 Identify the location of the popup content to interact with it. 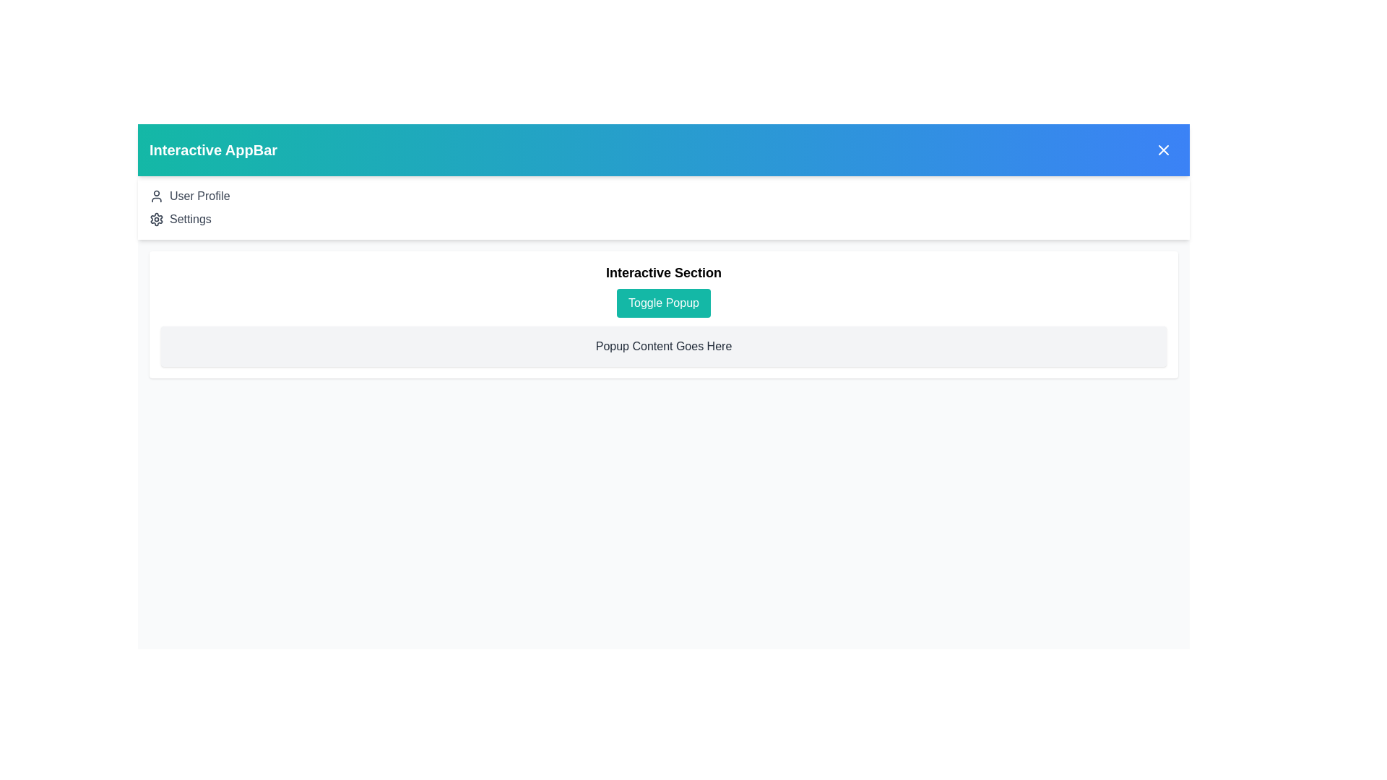
(662, 346).